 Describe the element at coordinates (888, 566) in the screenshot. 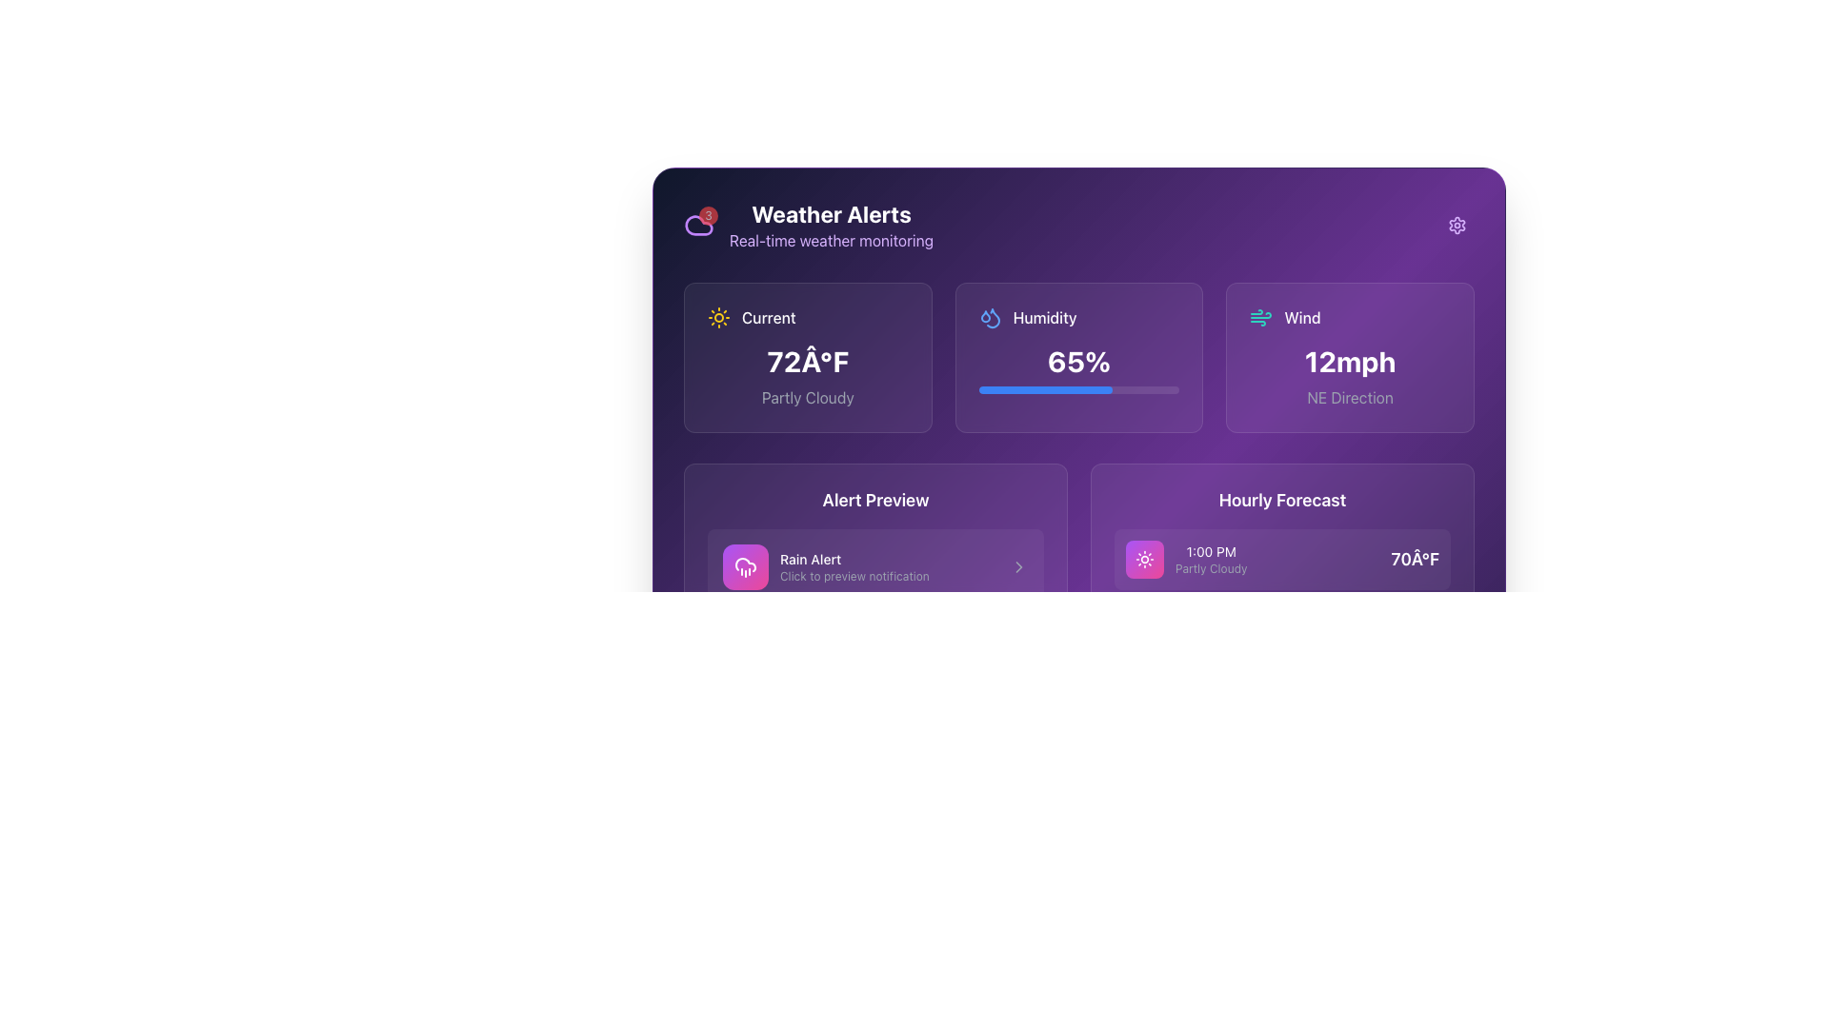

I see `informational text component labeled 'Rain Alert' which prompts 'Click to preview notification'` at that location.